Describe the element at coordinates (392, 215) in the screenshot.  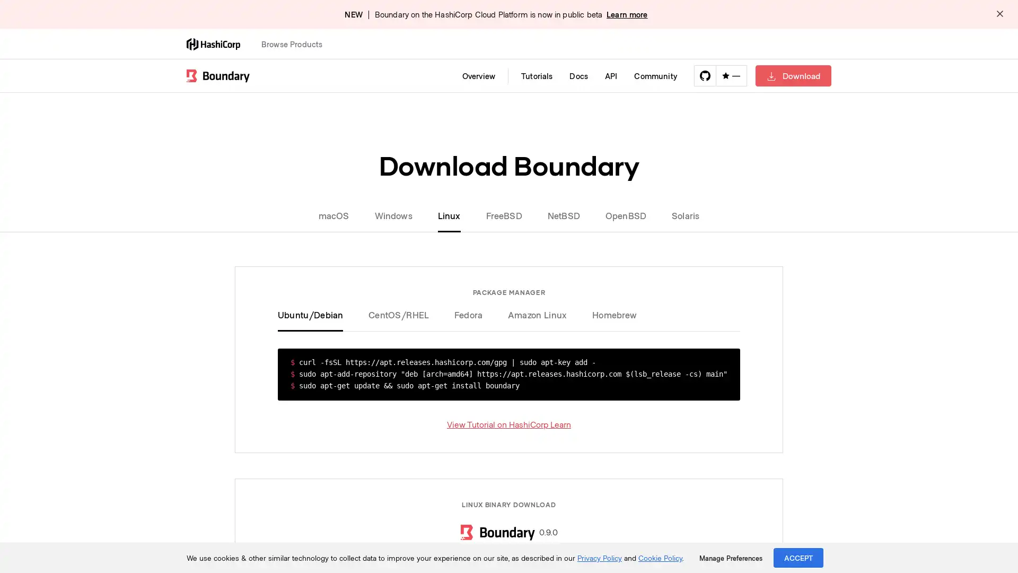
I see `Windows` at that location.